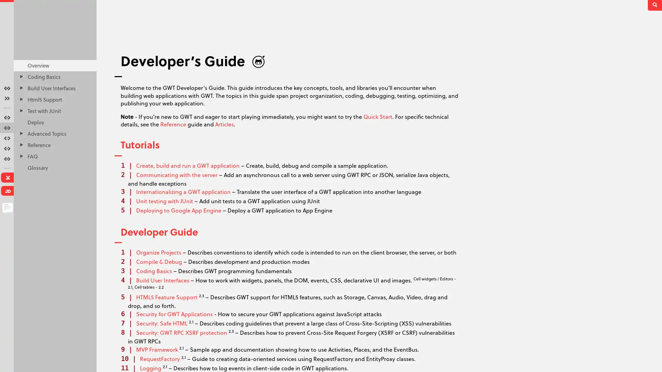 The width and height of the screenshot is (662, 372). Describe the element at coordinates (655, 5) in the screenshot. I see `Search` at that location.